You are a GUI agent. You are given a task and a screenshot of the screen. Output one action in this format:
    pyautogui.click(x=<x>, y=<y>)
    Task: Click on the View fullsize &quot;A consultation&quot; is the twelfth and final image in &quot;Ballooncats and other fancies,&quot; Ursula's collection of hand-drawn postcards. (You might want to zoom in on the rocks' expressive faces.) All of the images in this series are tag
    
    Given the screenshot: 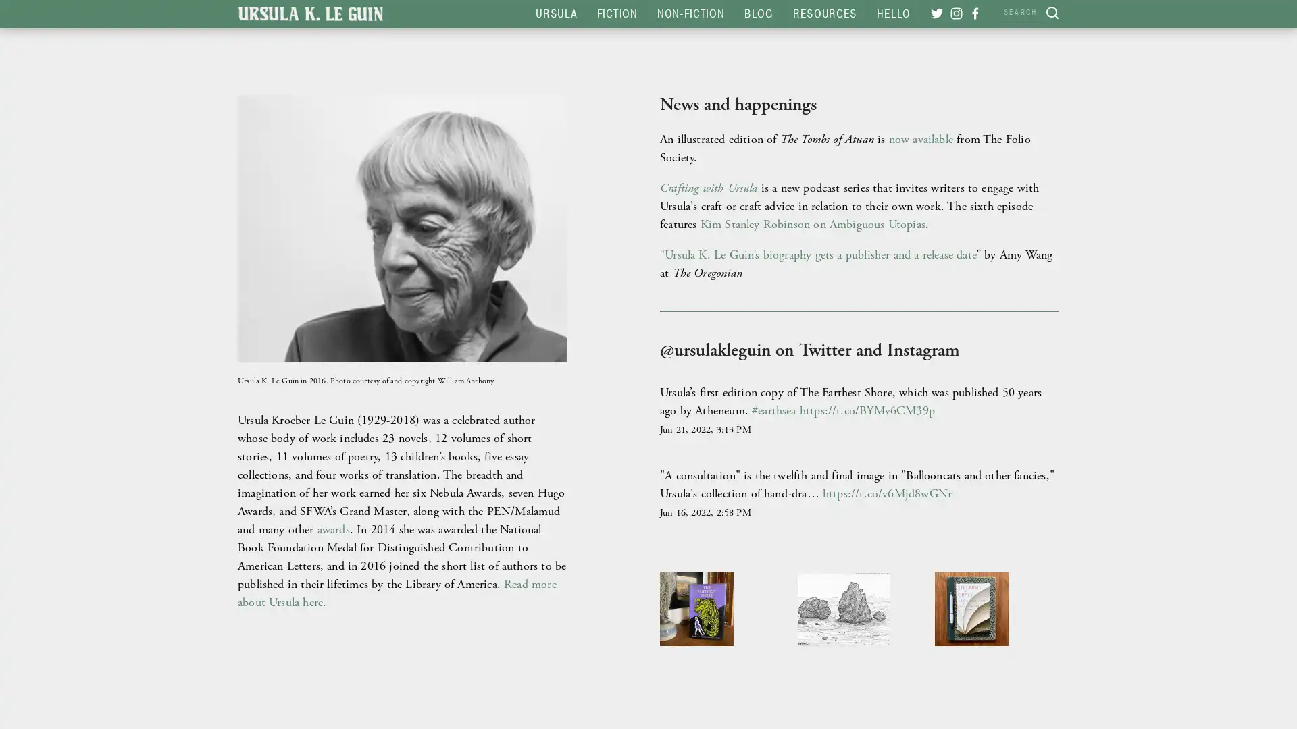 What is the action you would take?
    pyautogui.click(x=859, y=633)
    